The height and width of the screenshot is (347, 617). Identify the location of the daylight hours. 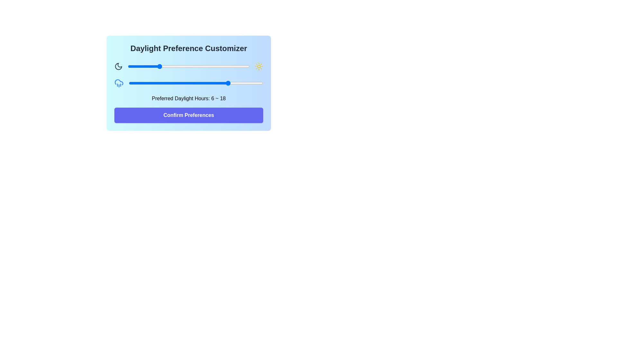
(229, 67).